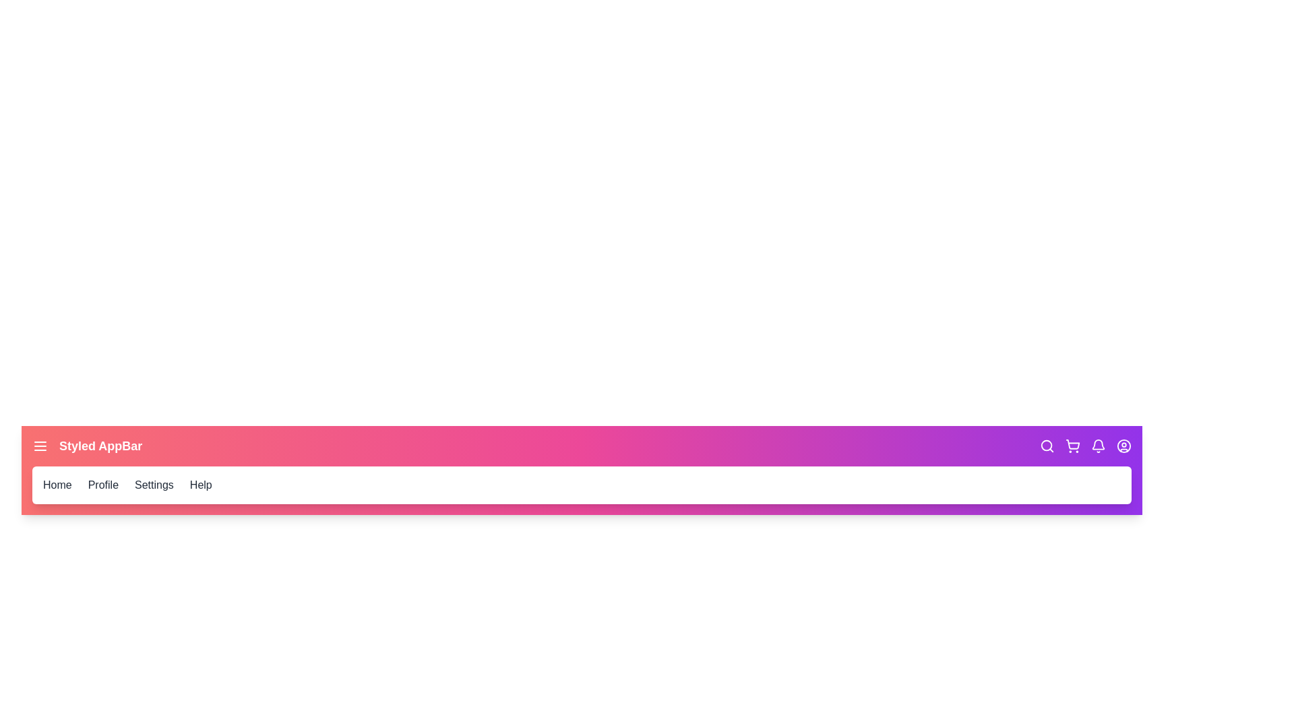  What do you see at coordinates (102, 485) in the screenshot?
I see `the navigation option Profile from the menu` at bounding box center [102, 485].